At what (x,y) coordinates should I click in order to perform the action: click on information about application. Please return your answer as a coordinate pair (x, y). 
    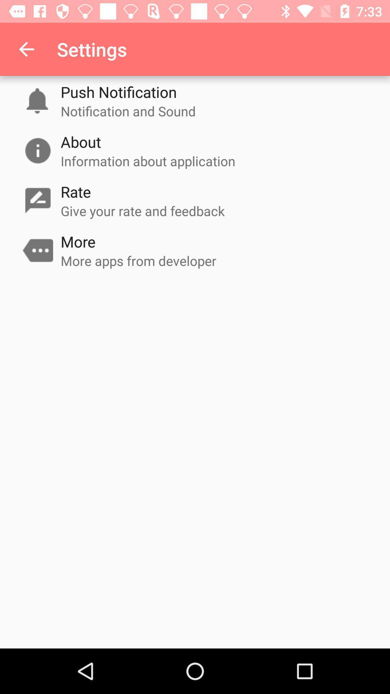
    Looking at the image, I should click on (147, 160).